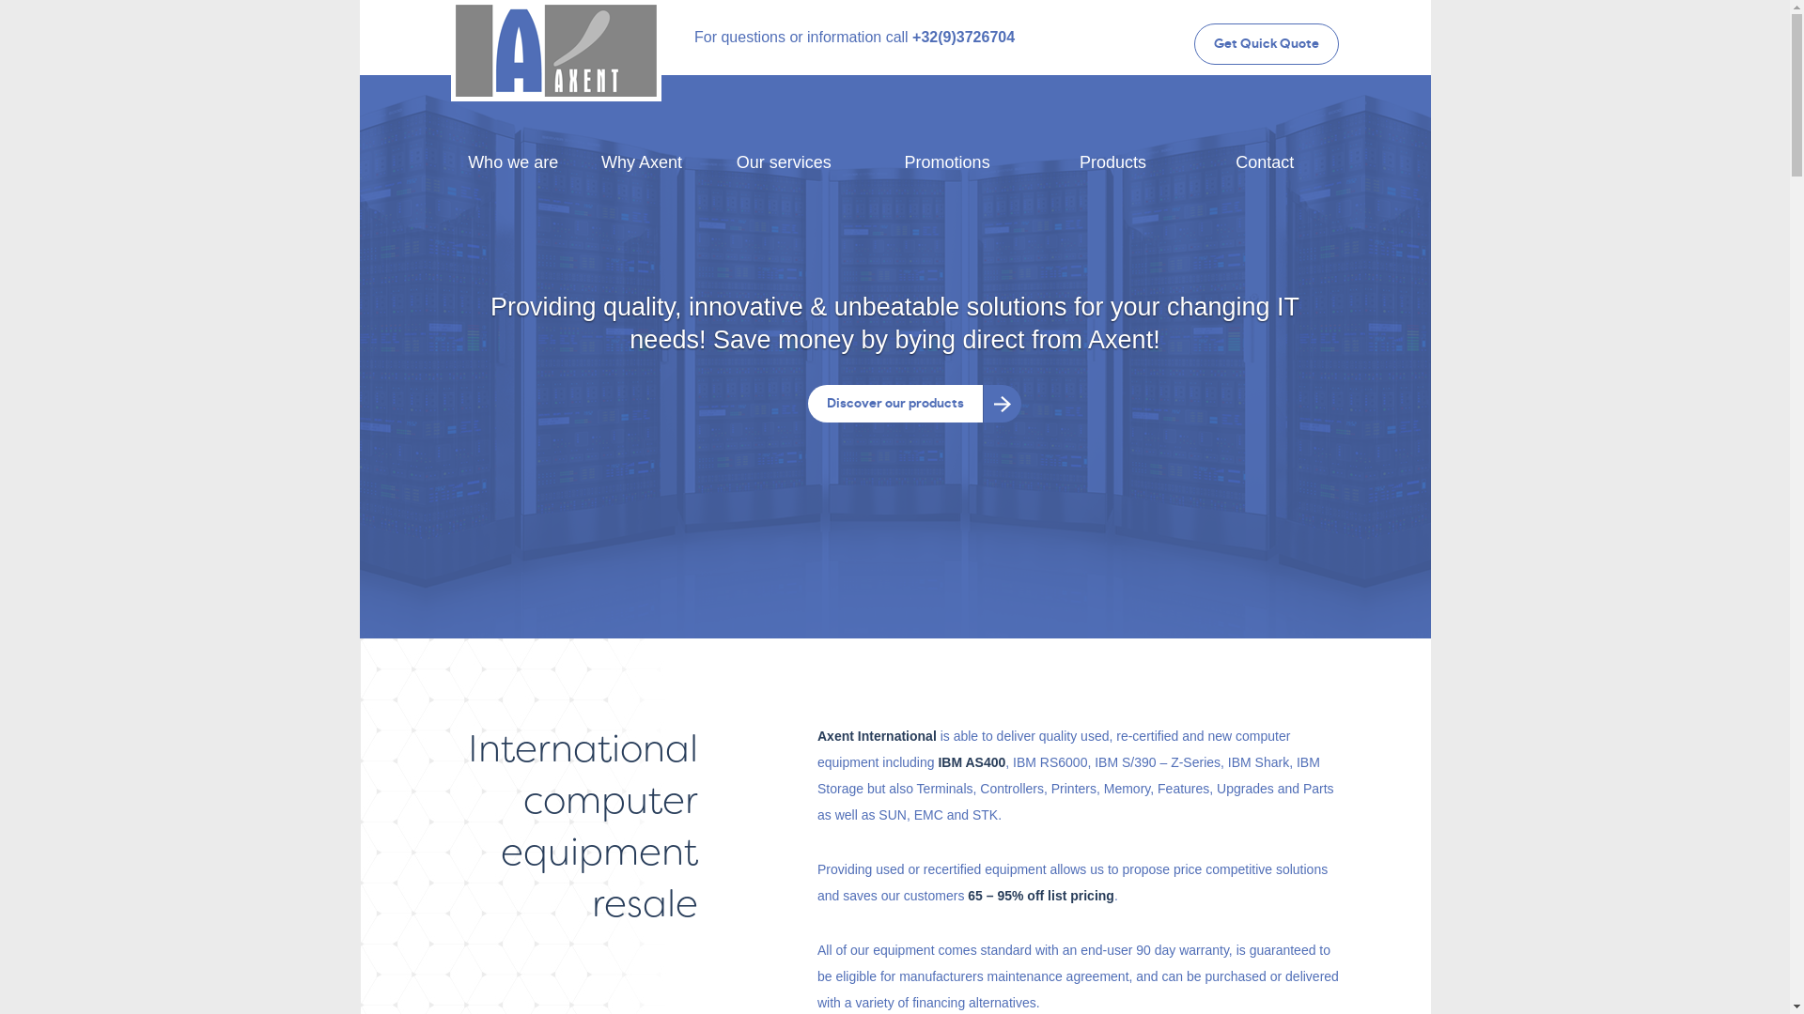 Image resolution: width=1804 pixels, height=1014 pixels. Describe the element at coordinates (1265, 161) in the screenshot. I see `'Contact'` at that location.